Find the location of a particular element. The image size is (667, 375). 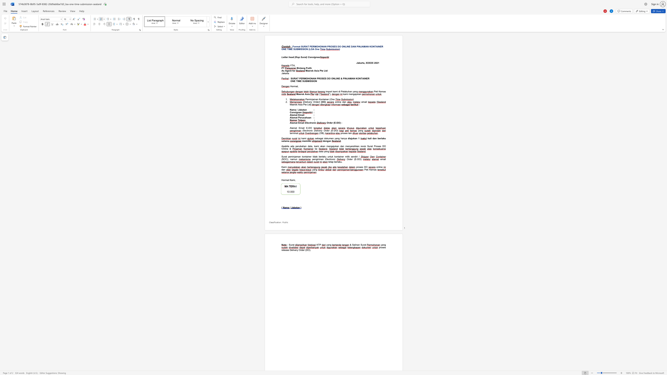

the space between the continuous character "o" and "n" in the text is located at coordinates (321, 99).